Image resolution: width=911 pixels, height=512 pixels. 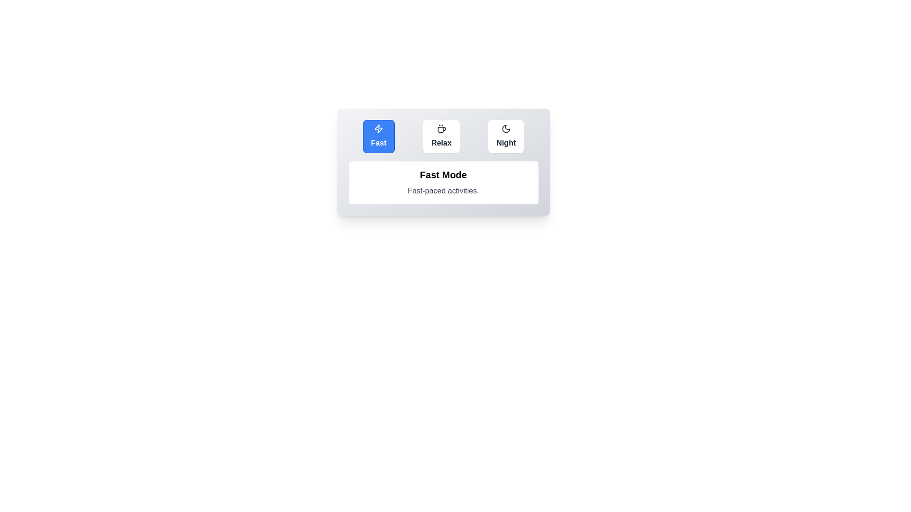 What do you see at coordinates (378, 143) in the screenshot?
I see `the label of the leftmost button in a horizontal row of three buttons, which identifies the button's functionality and displays the text 'Fast'` at bounding box center [378, 143].